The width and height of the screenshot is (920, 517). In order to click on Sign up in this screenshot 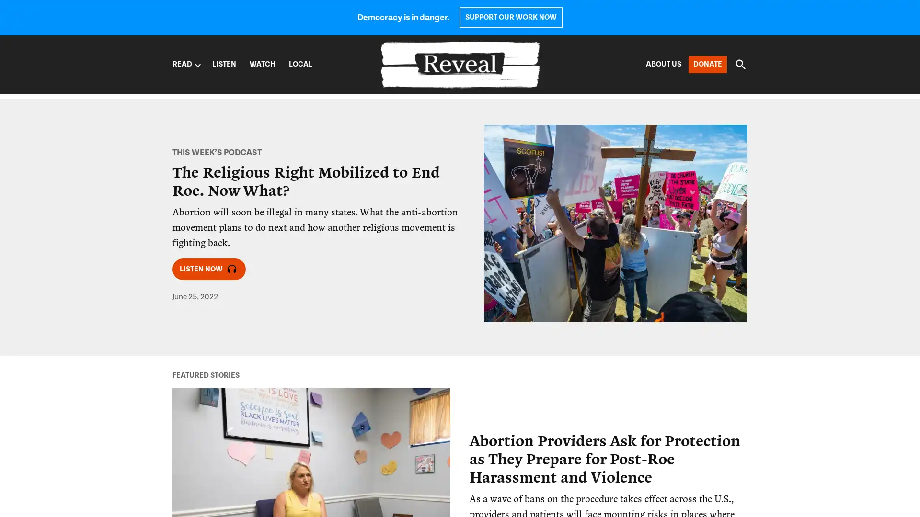, I will do `click(490, 408)`.